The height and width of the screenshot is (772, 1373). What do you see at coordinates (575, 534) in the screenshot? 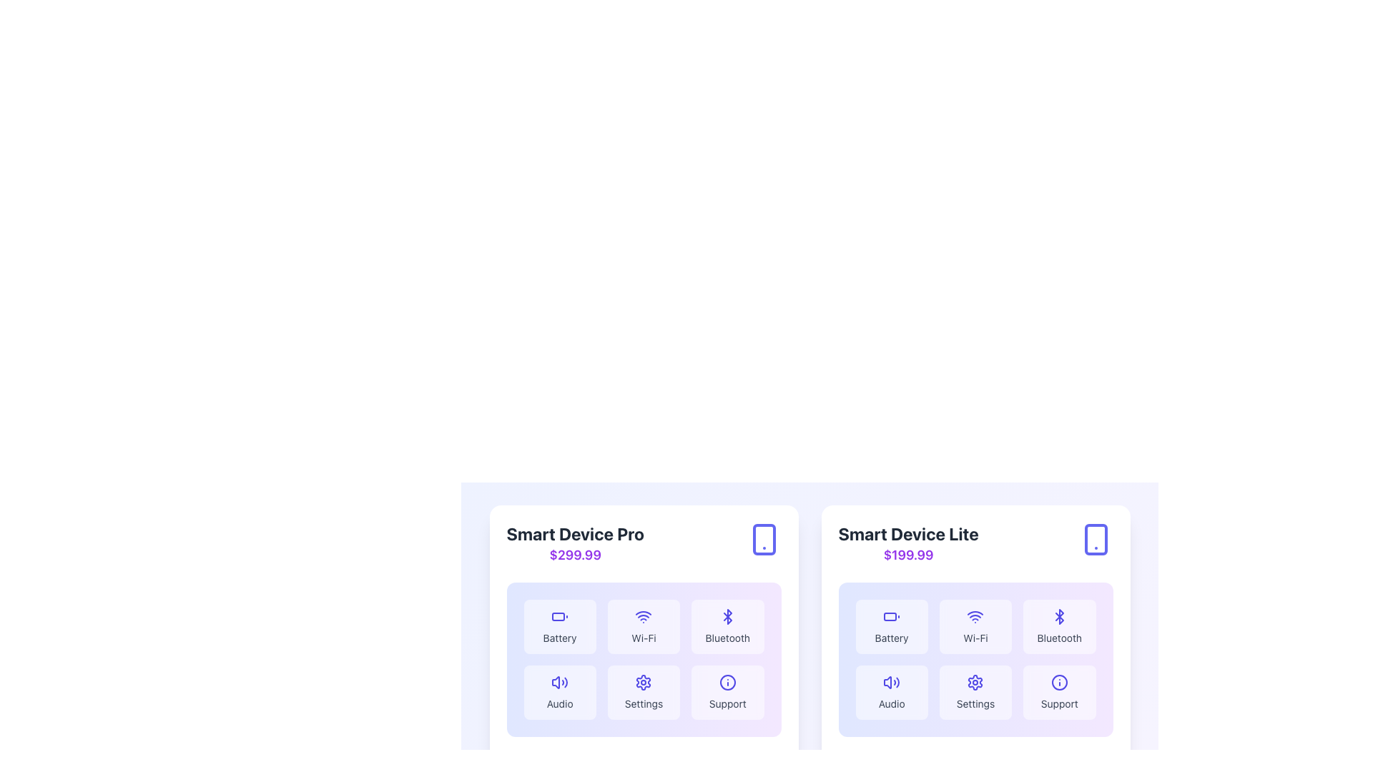
I see `the title text element located in the top-left corner of the product card, positioned above the price of $299.99` at bounding box center [575, 534].